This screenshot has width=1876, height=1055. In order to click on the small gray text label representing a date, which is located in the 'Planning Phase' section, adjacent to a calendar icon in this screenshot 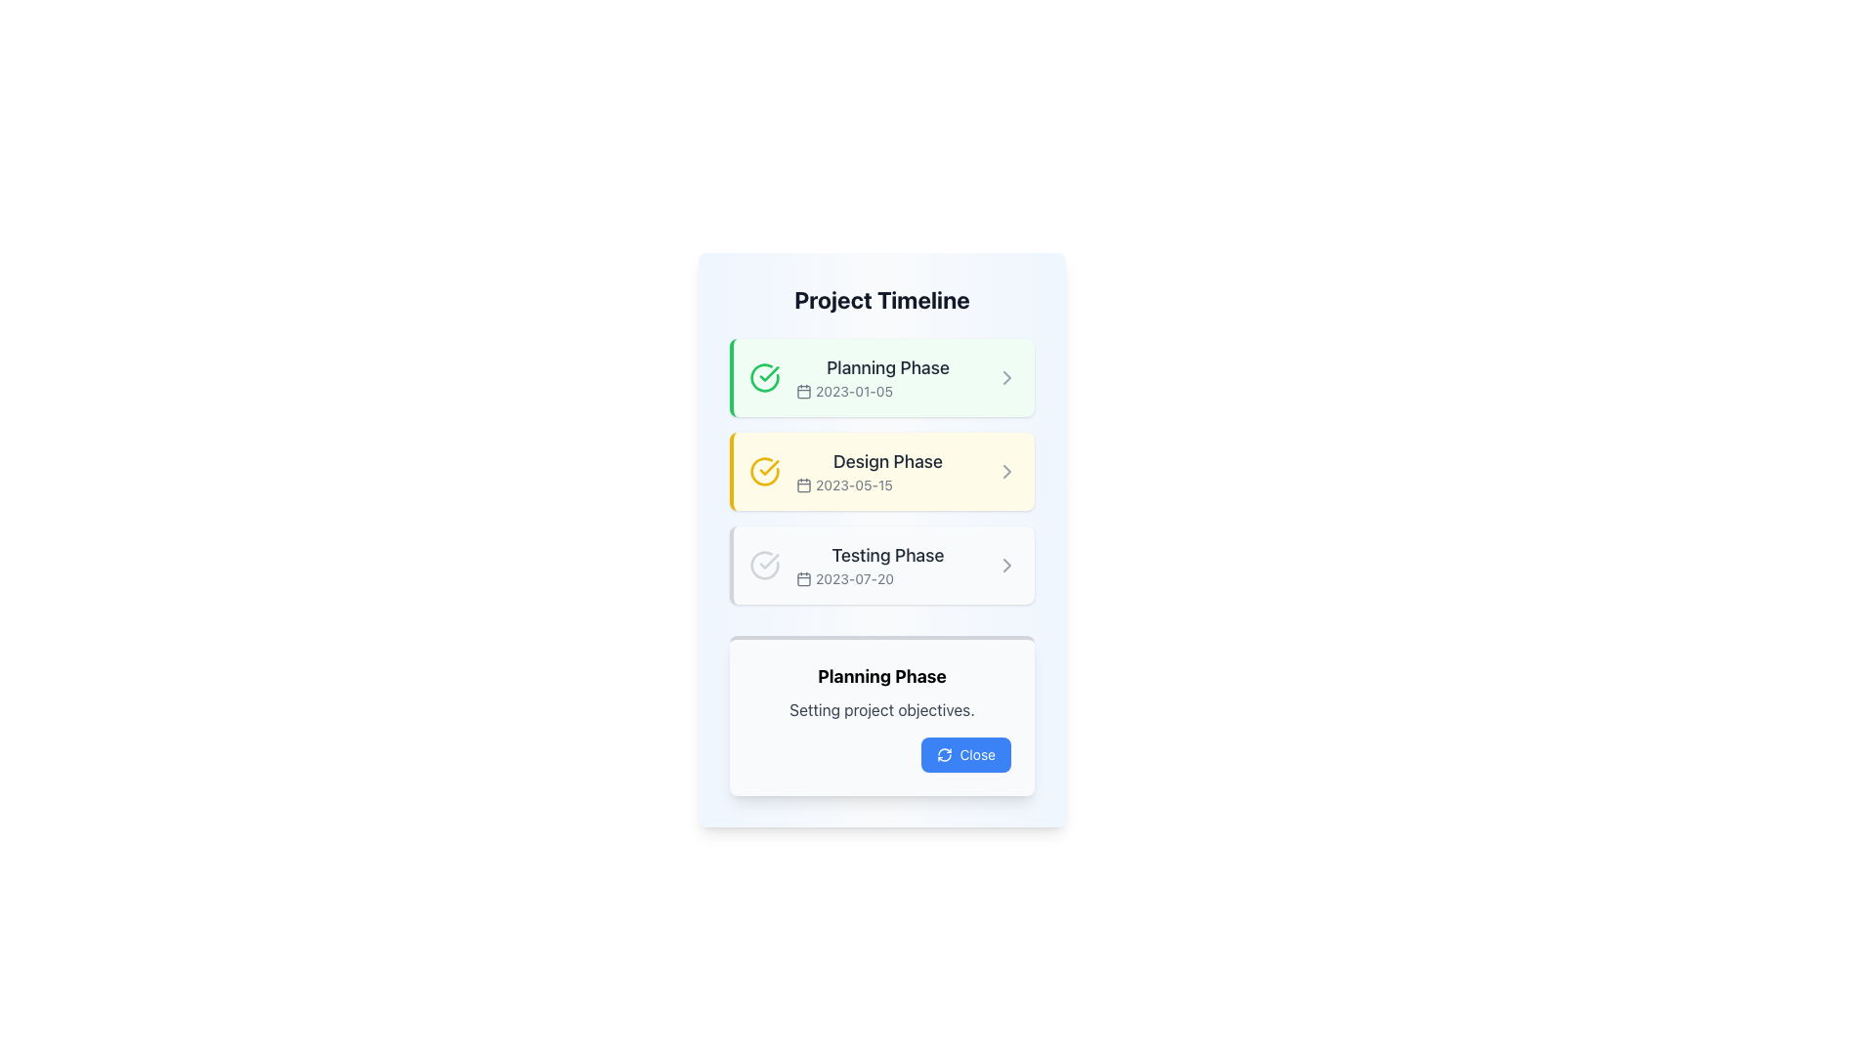, I will do `click(886, 392)`.